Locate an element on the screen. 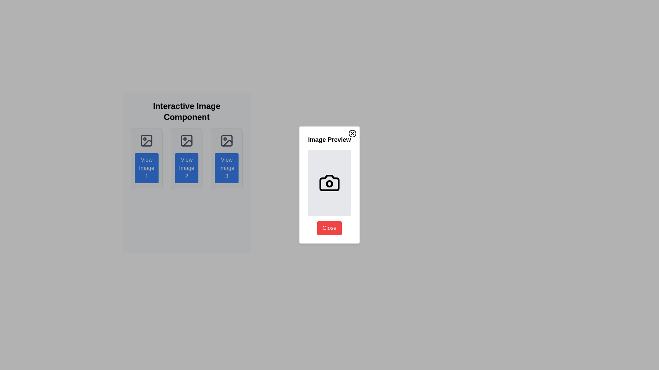  the 'View Image 2' button, which is styled with bold font, white text, and a blue background, located in the middle of a row of three buttons below the heading 'Interactive Image Component' is located at coordinates (186, 169).